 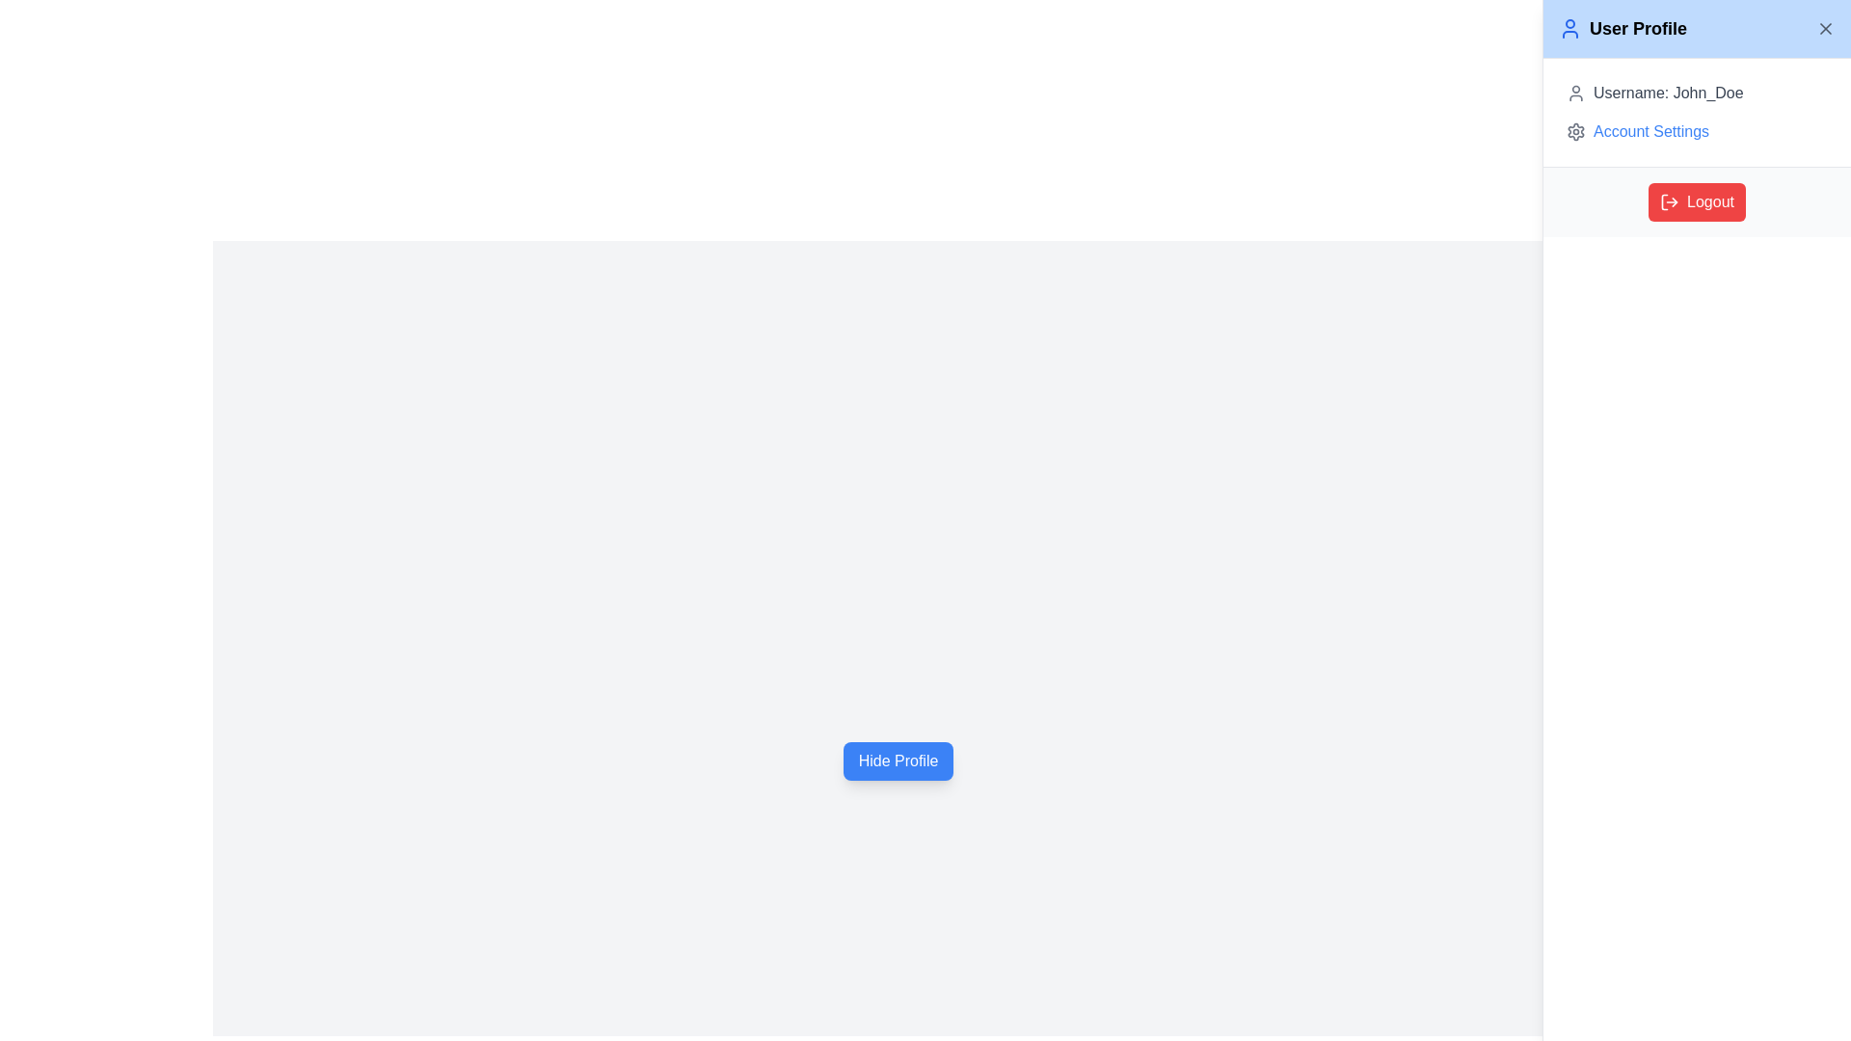 What do you see at coordinates (1576, 93) in the screenshot?
I see `the small user icon representative of a profile, which features a circular head shape and torso outlined in clean lines, located to the left of the username 'John_Doe'` at bounding box center [1576, 93].